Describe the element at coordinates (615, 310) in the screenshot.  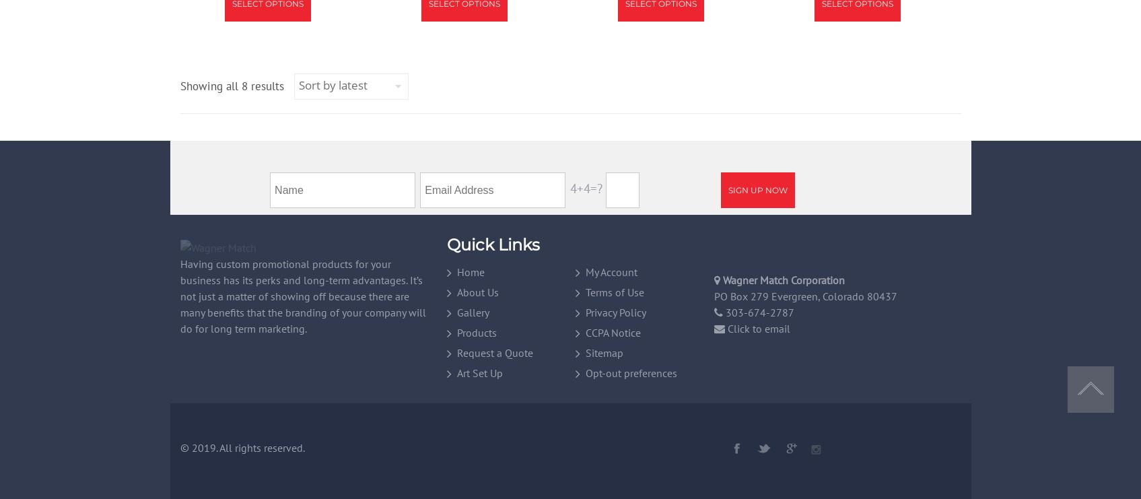
I see `'Privacy Policy'` at that location.